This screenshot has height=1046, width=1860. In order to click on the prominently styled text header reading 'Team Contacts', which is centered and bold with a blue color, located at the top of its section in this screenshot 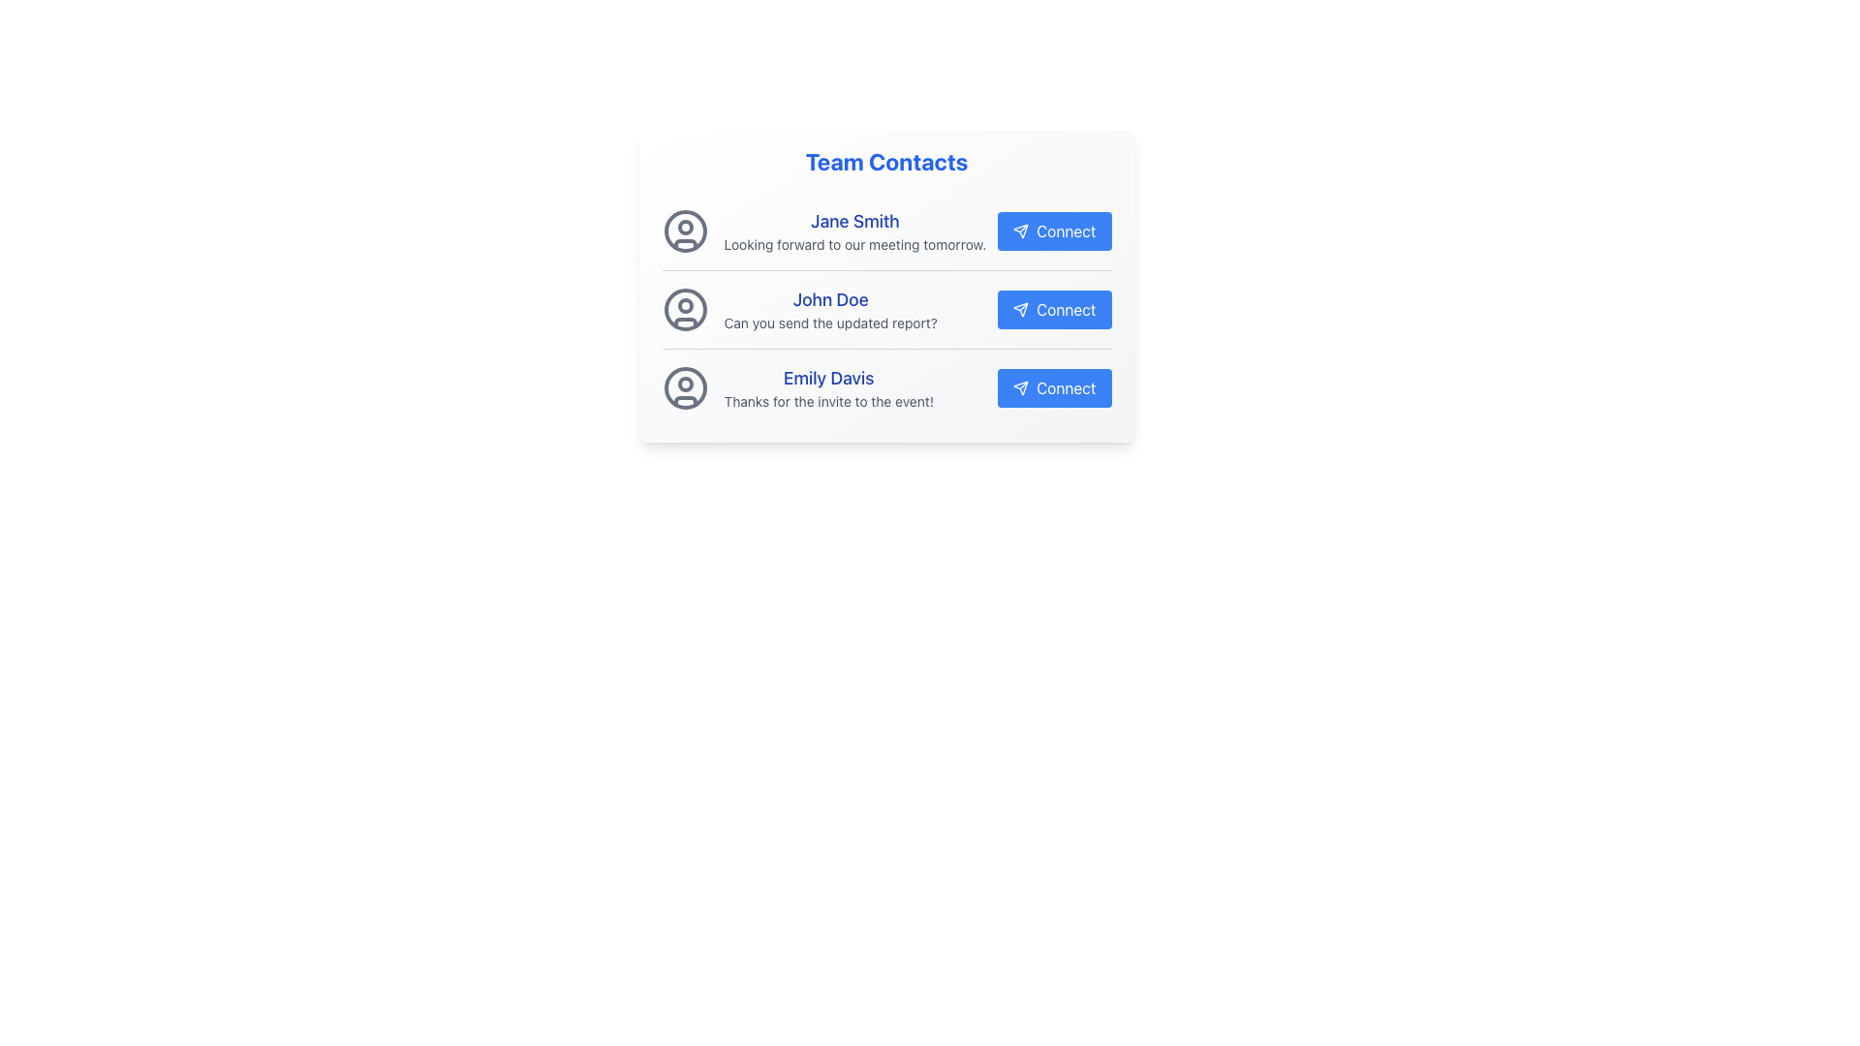, I will do `click(885, 160)`.